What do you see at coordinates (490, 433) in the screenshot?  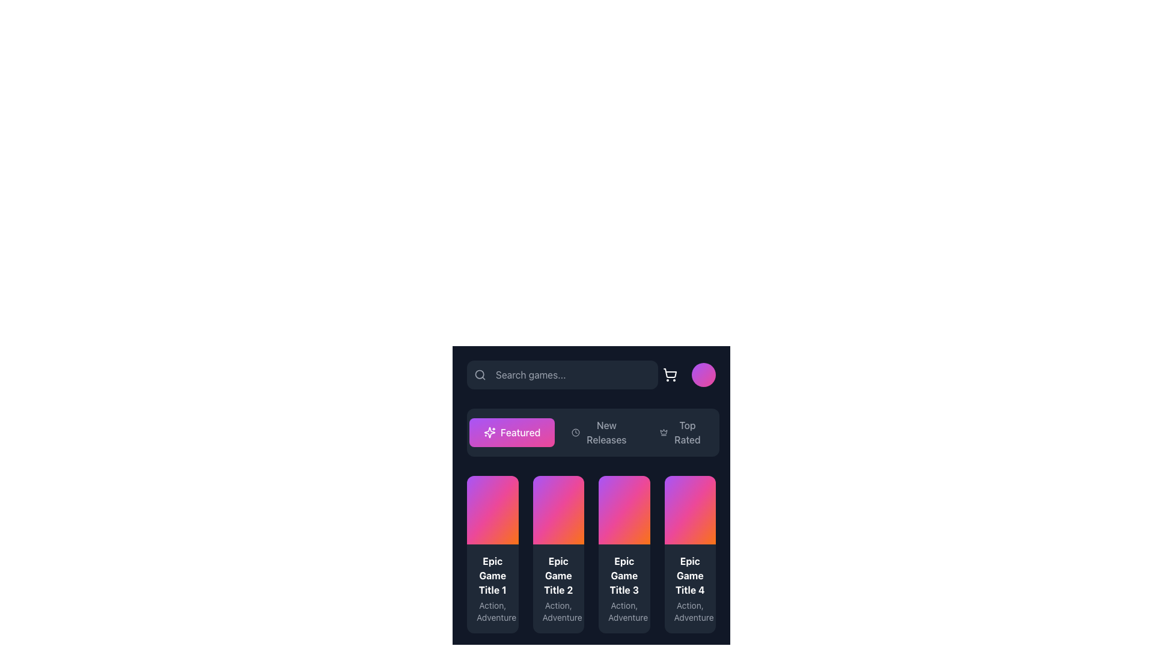 I see `the star-like decorative icon representing the 'Featured' label, located on the left side inside the 'Featured' button in the top section of the selectable menu cluster` at bounding box center [490, 433].